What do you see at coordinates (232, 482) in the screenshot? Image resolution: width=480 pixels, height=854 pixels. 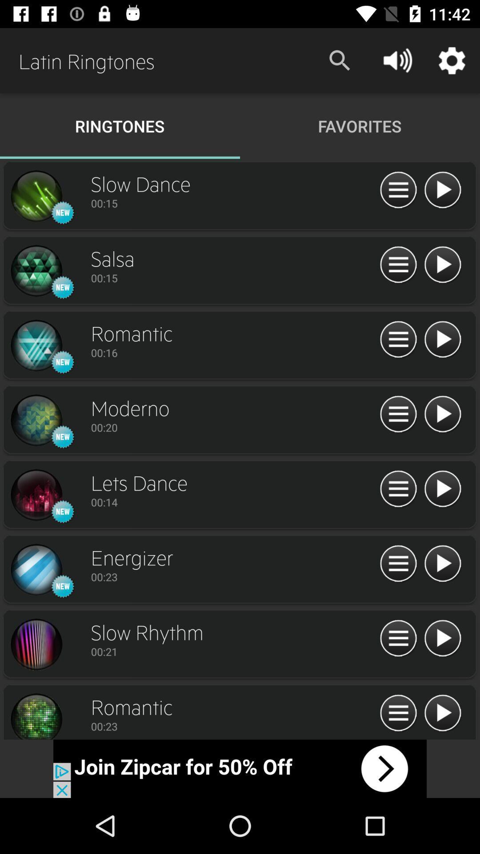 I see `the text lets dance shown above 0014` at bounding box center [232, 482].